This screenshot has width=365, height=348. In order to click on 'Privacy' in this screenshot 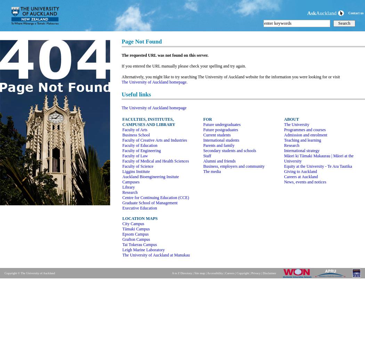, I will do `click(255, 273)`.